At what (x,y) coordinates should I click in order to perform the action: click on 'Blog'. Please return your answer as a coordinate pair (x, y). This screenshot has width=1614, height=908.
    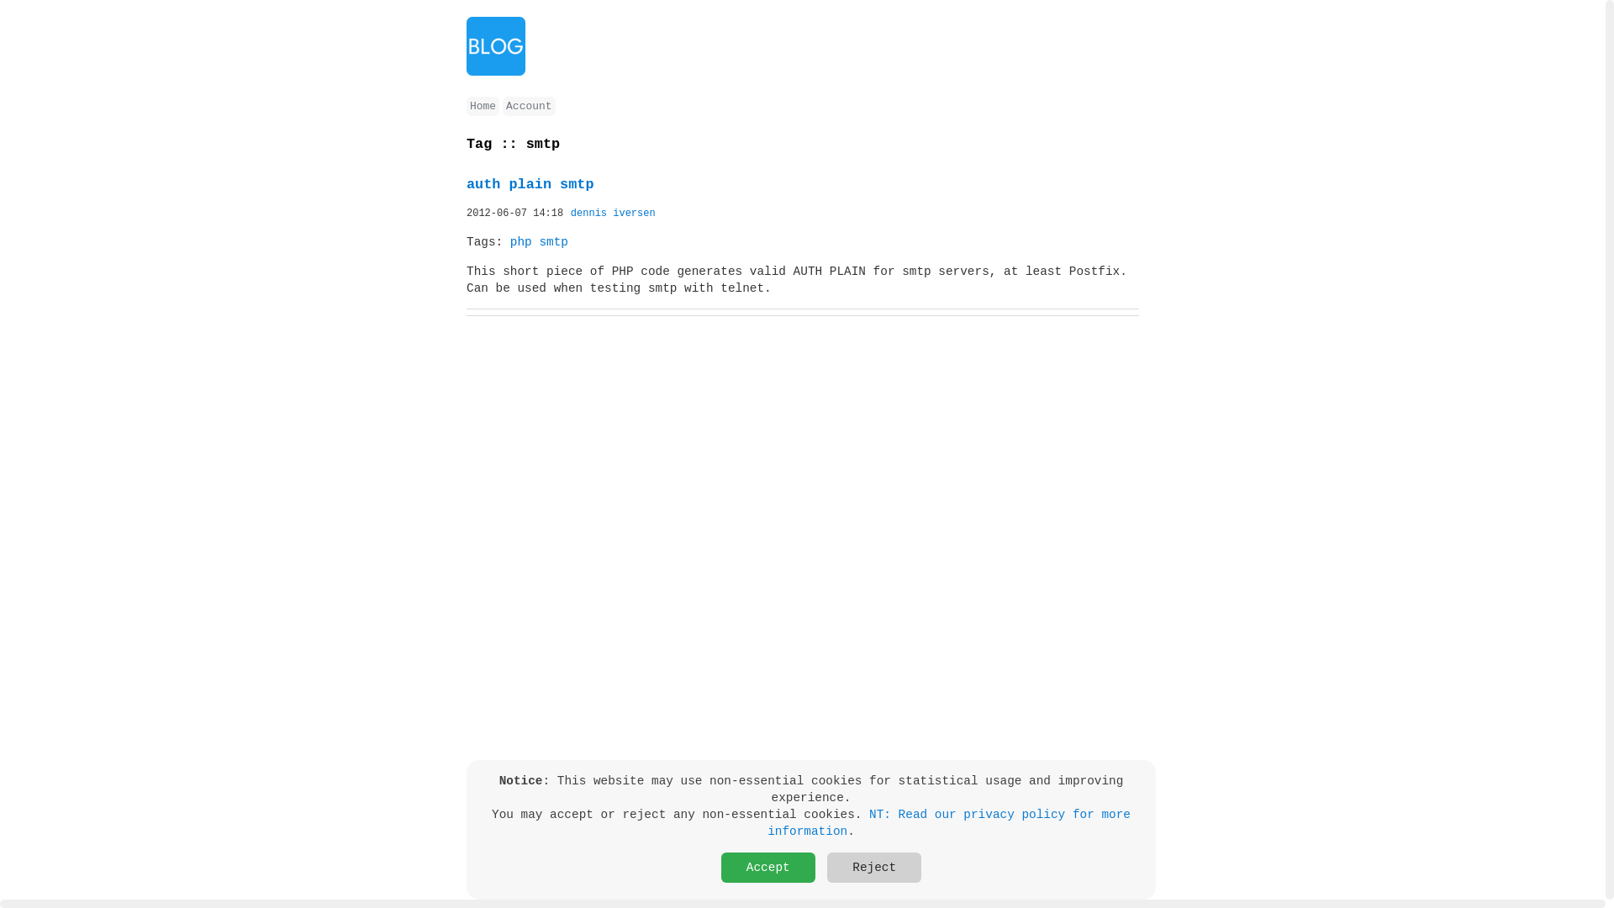
    Looking at the image, I should click on (467, 45).